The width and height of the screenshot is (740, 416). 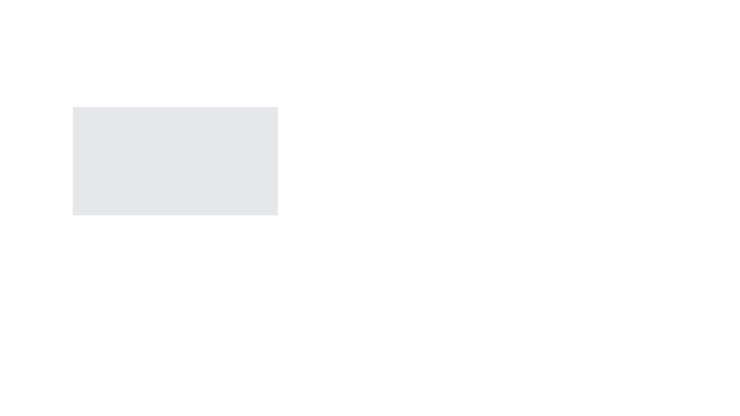 I want to click on the interactive areas of the modal window, which includes the buttons labeled 'Close' and 'Open Modal', so click(x=175, y=156).